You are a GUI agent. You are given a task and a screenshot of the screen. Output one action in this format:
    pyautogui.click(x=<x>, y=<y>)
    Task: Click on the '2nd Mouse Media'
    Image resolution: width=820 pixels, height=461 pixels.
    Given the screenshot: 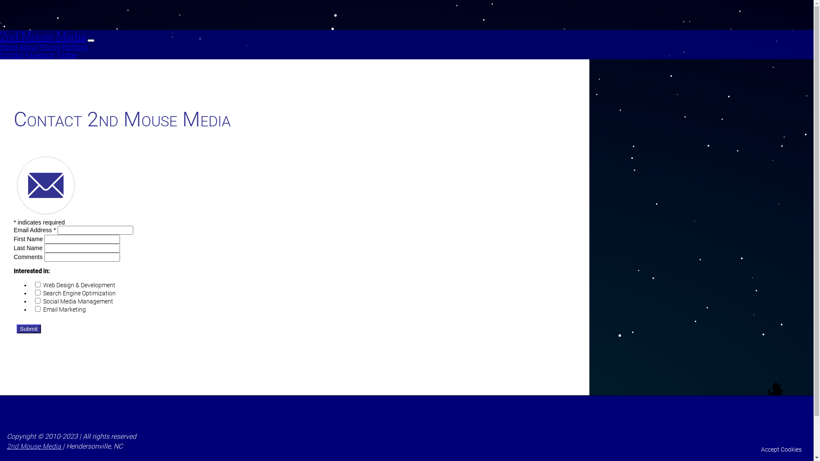 What is the action you would take?
    pyautogui.click(x=0, y=36)
    